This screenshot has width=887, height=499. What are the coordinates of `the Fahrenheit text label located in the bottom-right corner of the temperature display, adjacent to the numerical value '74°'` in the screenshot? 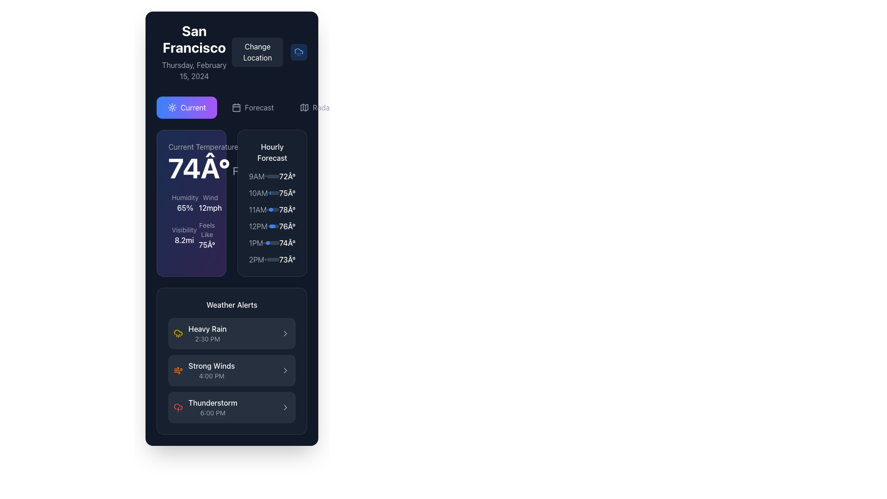 It's located at (236, 171).